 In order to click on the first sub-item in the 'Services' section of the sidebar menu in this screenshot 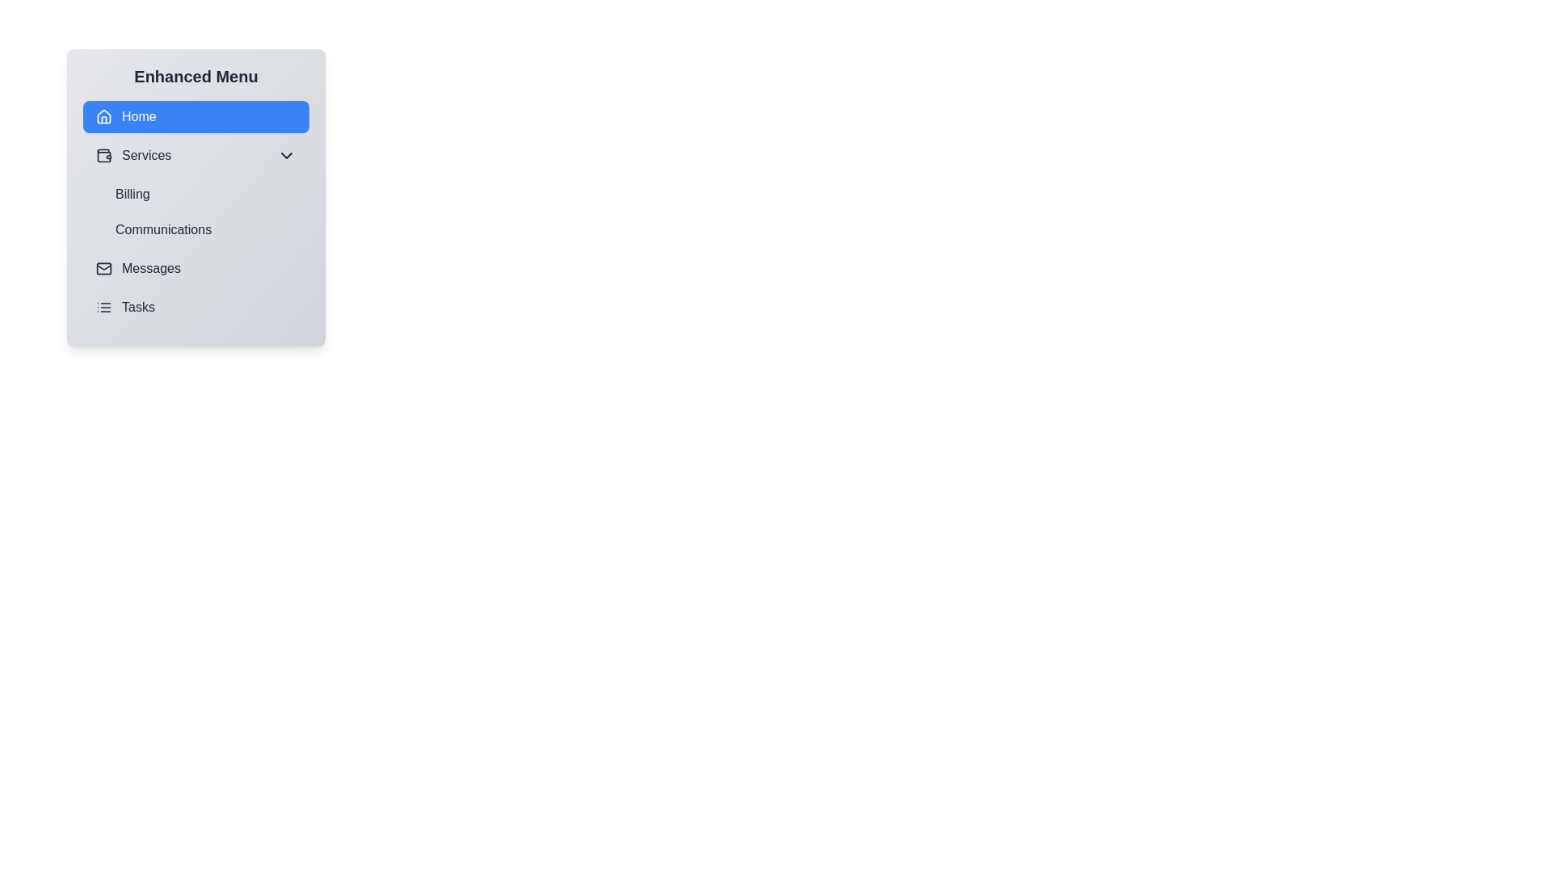, I will do `click(195, 192)`.